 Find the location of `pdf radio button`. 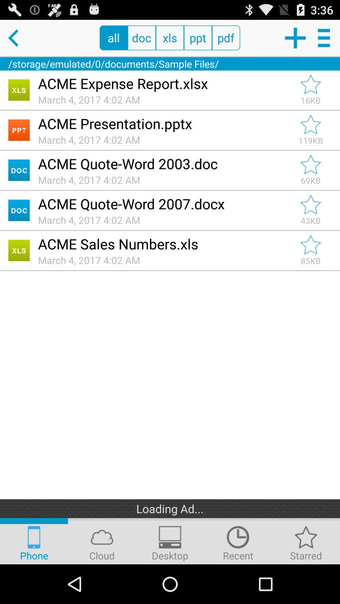

pdf radio button is located at coordinates (226, 37).